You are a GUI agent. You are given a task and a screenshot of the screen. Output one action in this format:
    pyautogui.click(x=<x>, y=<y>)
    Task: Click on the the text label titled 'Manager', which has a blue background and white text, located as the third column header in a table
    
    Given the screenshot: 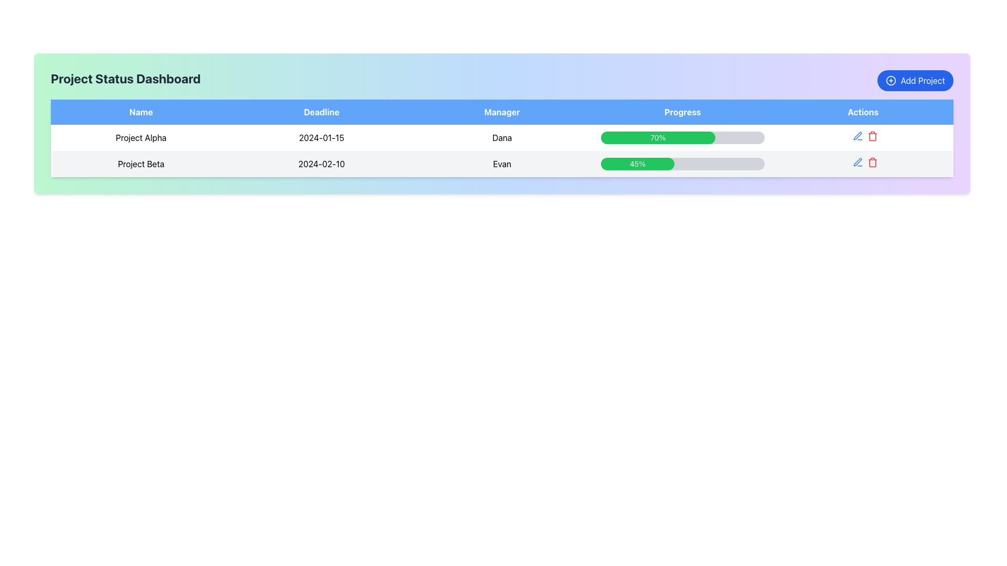 What is the action you would take?
    pyautogui.click(x=501, y=112)
    